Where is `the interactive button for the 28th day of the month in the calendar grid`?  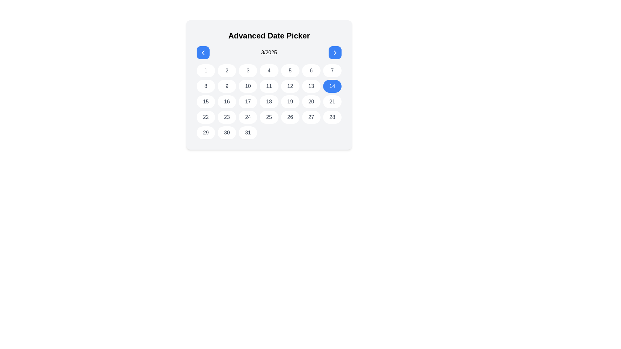 the interactive button for the 28th day of the month in the calendar grid is located at coordinates (332, 117).